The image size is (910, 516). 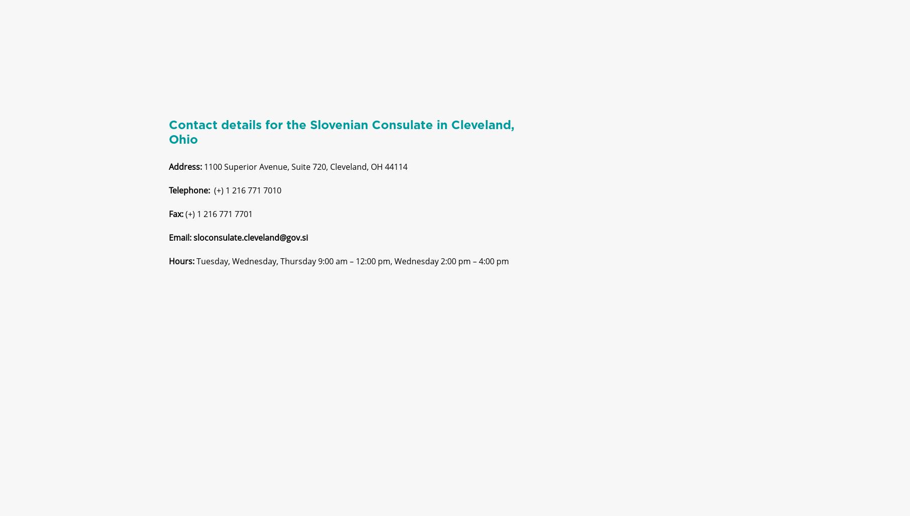 I want to click on 'Tuesday, Wednesday, Thursday 9:00 am – 12:00 pm, Wednesday 2:00 pm – 4:00 pm', so click(x=352, y=269).